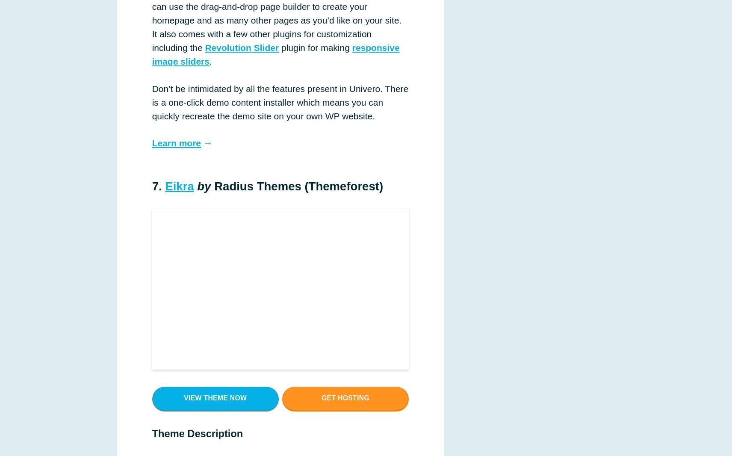 This screenshot has height=456, width=732. I want to click on 'Radius Themes (Themeforest)', so click(297, 186).